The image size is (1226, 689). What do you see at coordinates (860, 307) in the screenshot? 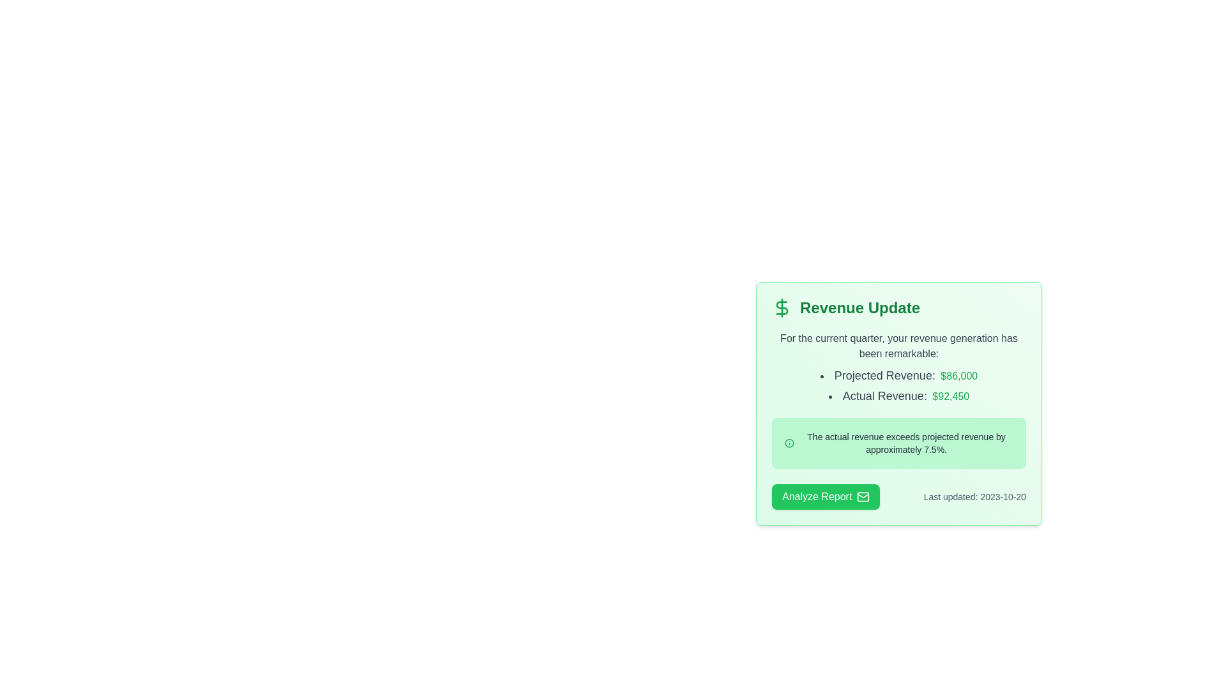
I see `the bold green text 'Revenue Update' located within the top section of a green card interface, positioned to the right of a green dollar icon` at bounding box center [860, 307].